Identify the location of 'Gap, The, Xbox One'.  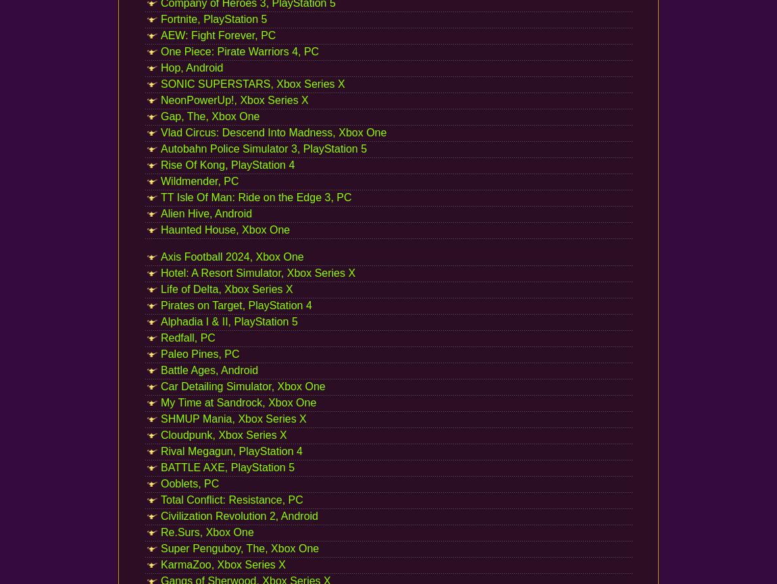
(160, 115).